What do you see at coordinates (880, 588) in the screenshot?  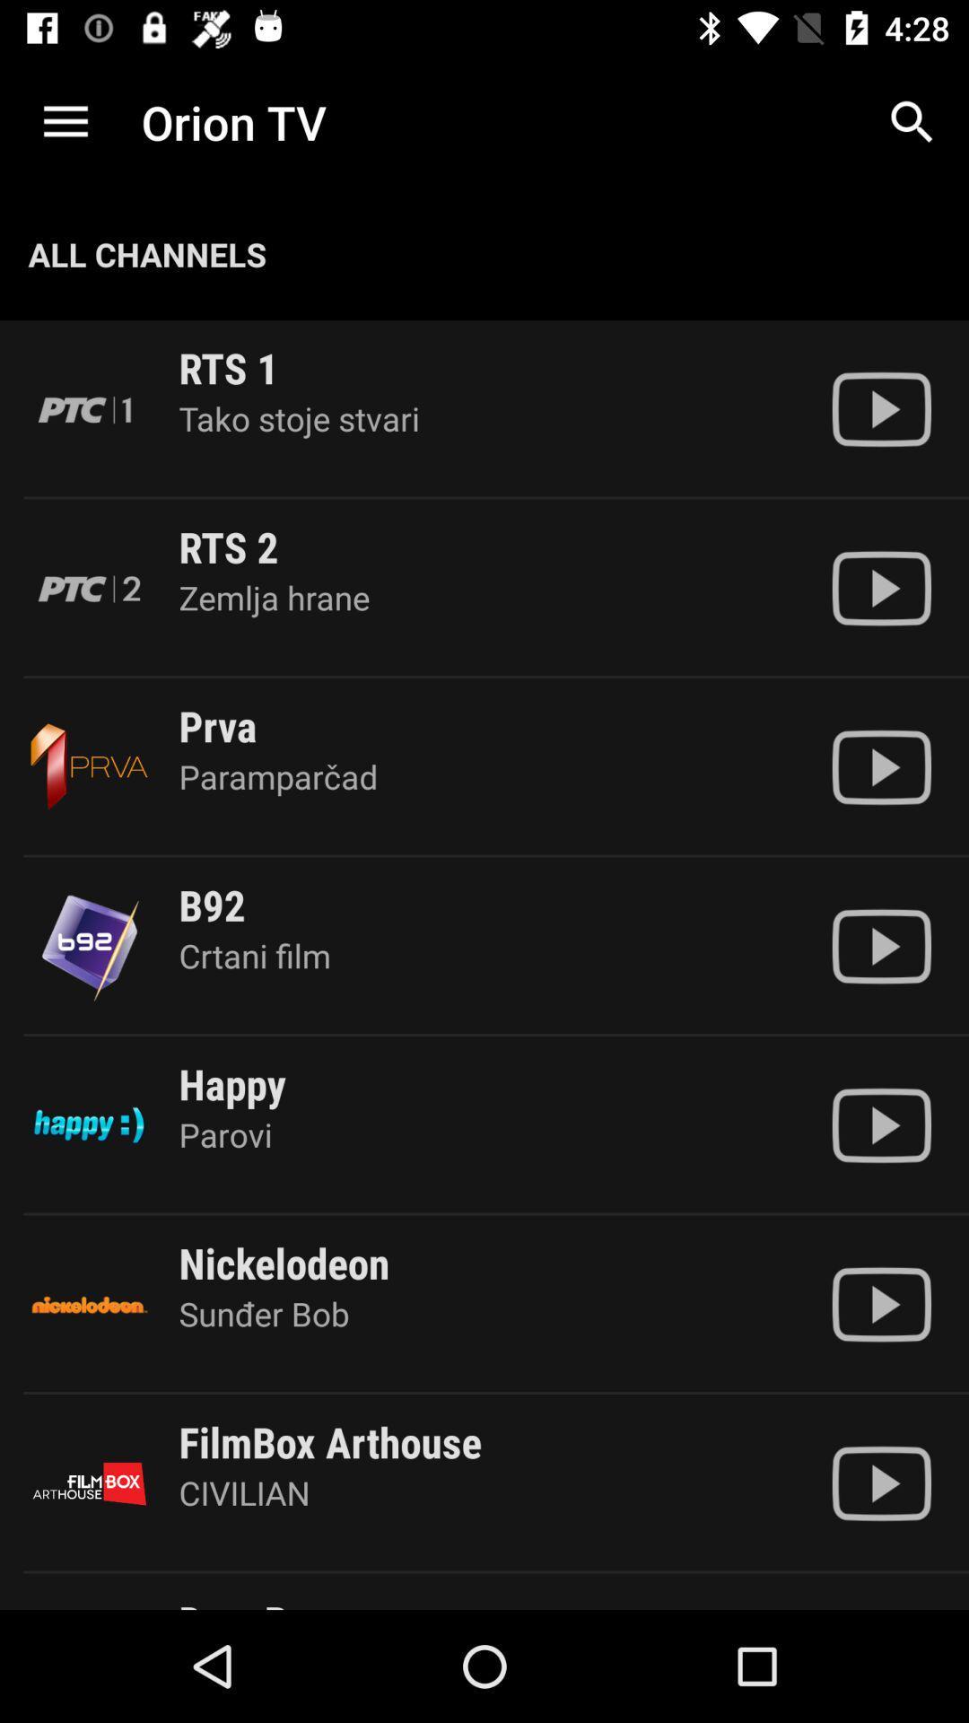 I see `the channel` at bounding box center [880, 588].